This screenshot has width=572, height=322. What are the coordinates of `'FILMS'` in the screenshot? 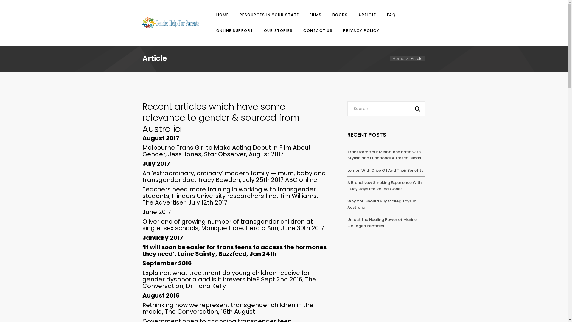 It's located at (315, 15).